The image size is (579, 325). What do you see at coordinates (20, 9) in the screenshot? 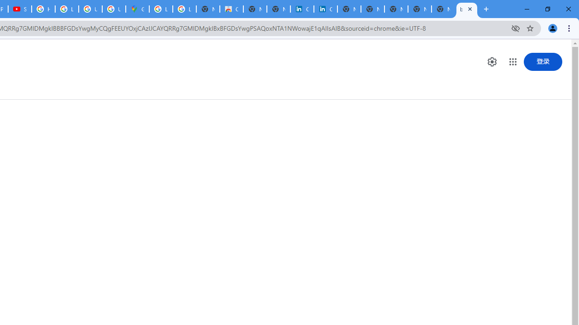
I see `'Subscriptions - YouTube'` at bounding box center [20, 9].